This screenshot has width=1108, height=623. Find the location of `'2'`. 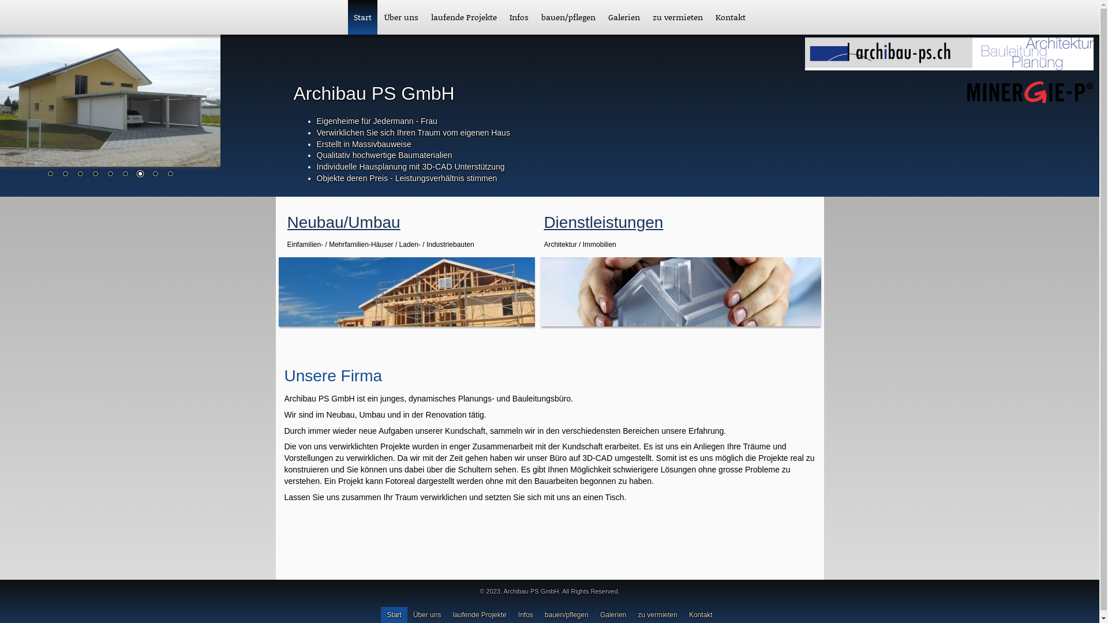

'2' is located at coordinates (65, 175).